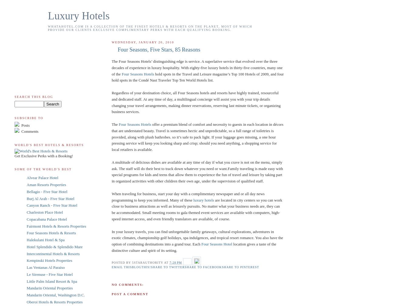 Image resolution: width=414 pixels, height=307 pixels. I want to click on 'Four Seasons, Five Stars, 85 Reasons', so click(159, 49).